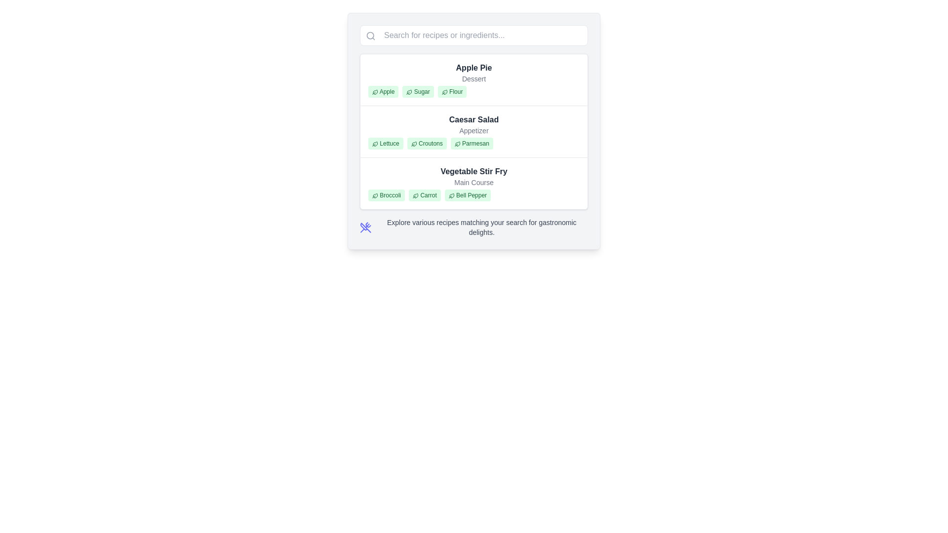 The width and height of the screenshot is (948, 533). Describe the element at coordinates (474, 183) in the screenshot. I see `the third list item labeled 'Vegetable Stir Fry' which contains the text 'Main Course' and colored labels for selection` at that location.